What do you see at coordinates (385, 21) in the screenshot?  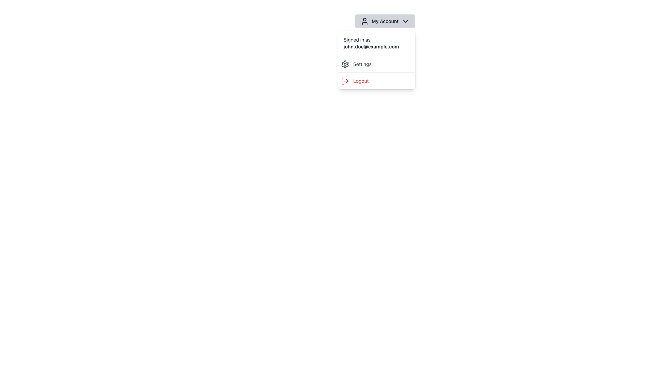 I see `the 'My Account' dropdown button located at the top-right section of the interface` at bounding box center [385, 21].